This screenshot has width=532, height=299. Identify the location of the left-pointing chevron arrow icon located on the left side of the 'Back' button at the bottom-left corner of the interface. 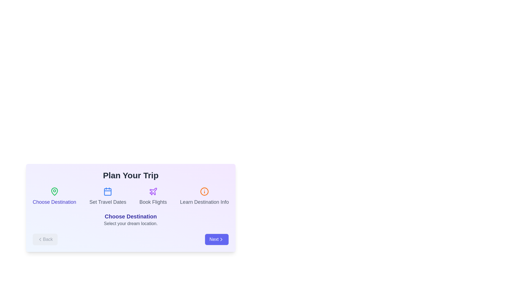
(40, 239).